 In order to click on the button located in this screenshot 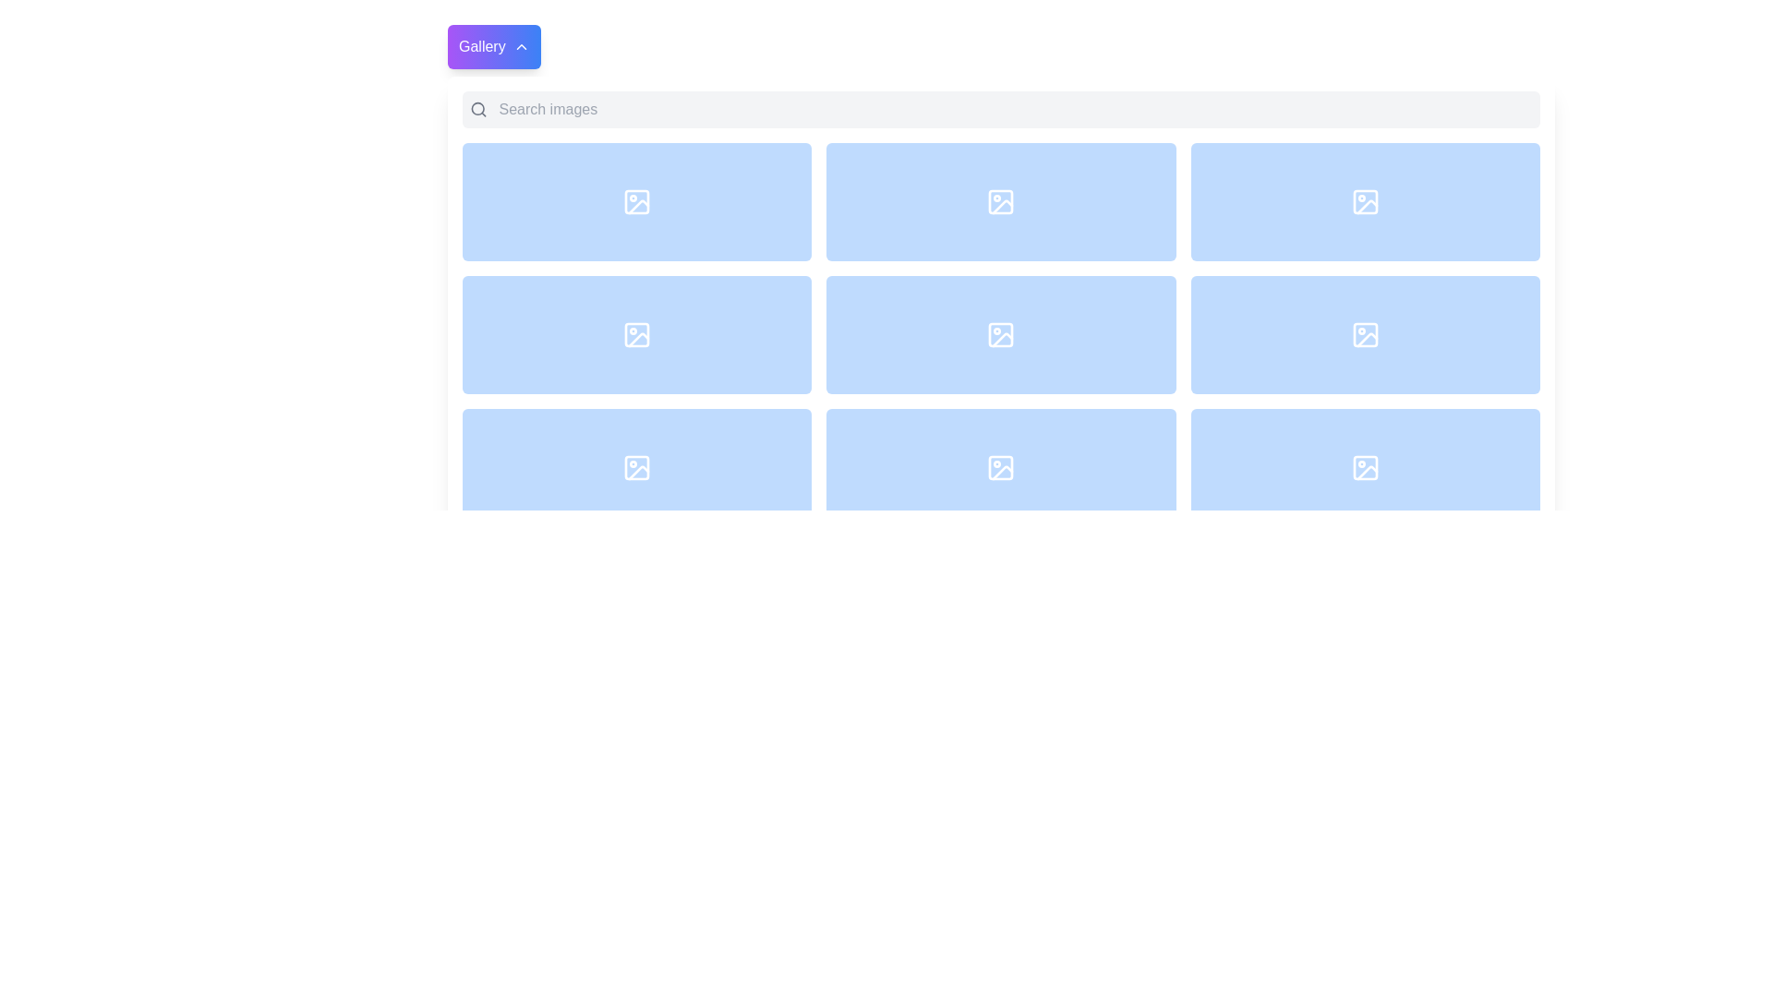, I will do `click(1365, 202)`.